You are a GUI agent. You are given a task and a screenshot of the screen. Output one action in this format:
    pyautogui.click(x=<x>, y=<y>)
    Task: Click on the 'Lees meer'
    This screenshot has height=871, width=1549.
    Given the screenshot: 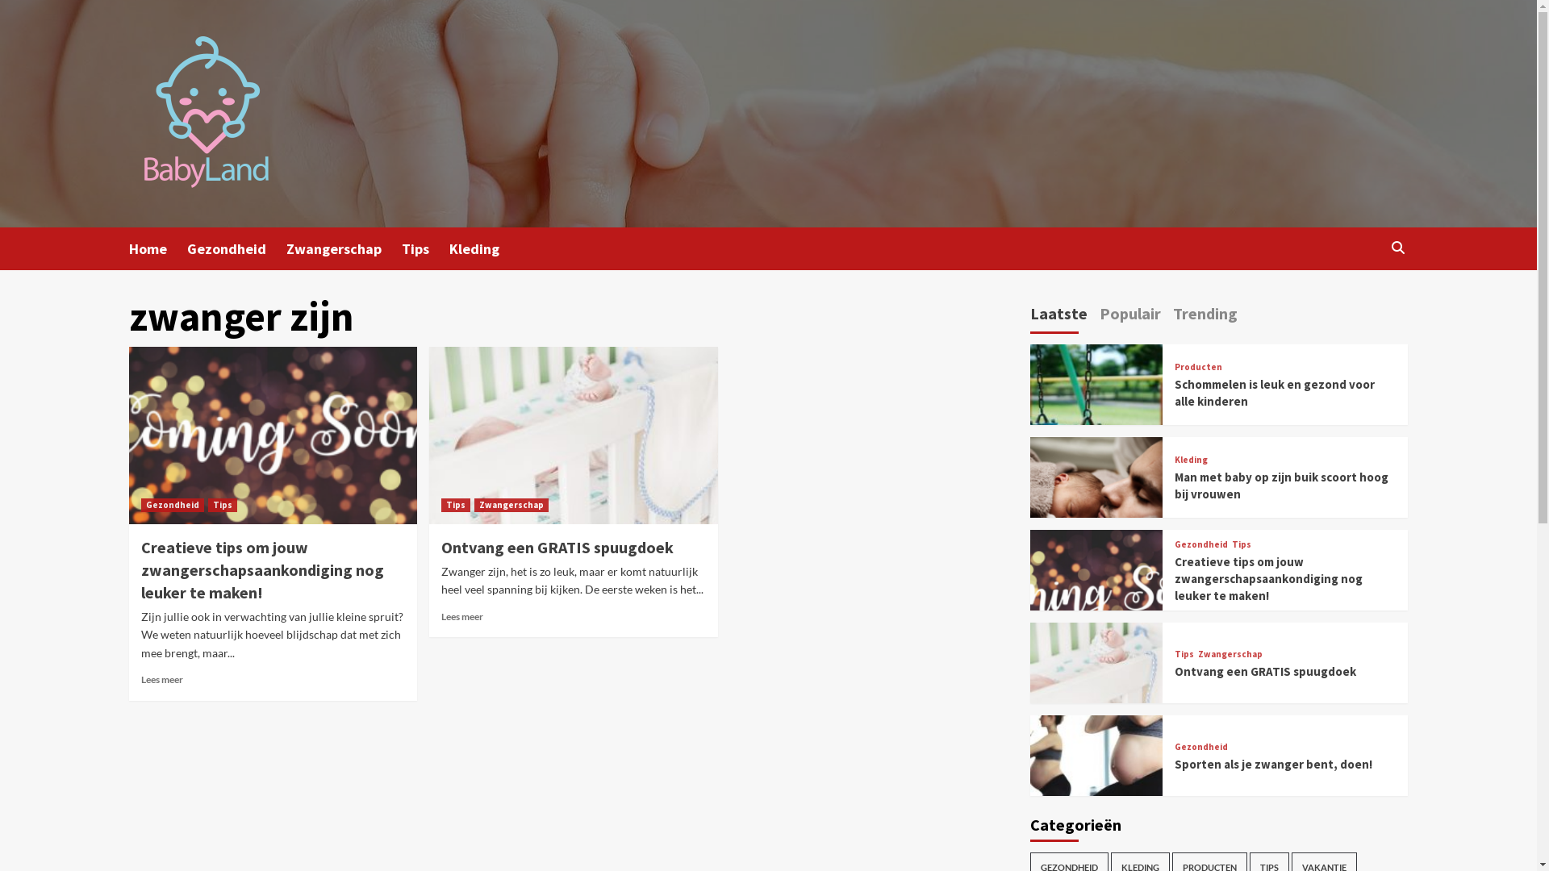 What is the action you would take?
    pyautogui.click(x=162, y=679)
    